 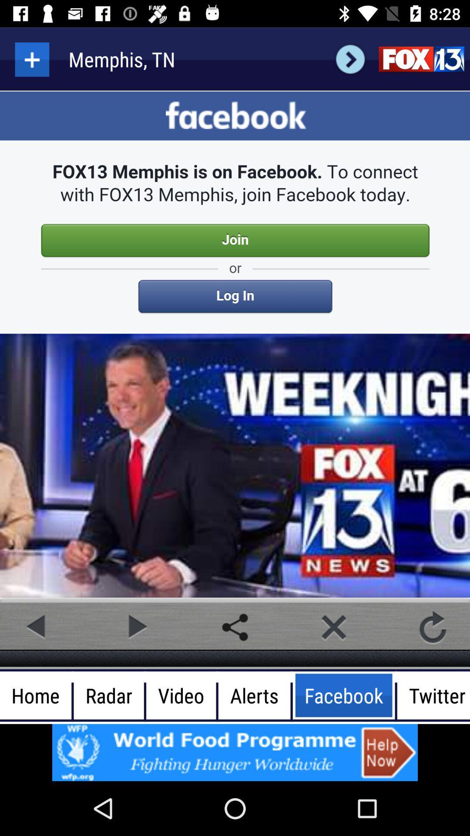 What do you see at coordinates (433, 627) in the screenshot?
I see `the refresh icon` at bounding box center [433, 627].